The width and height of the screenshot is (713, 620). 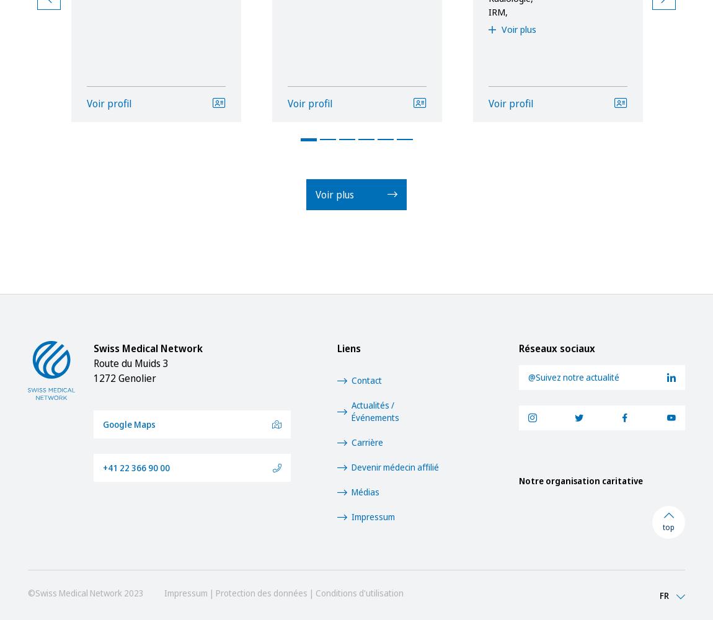 I want to click on 'Route du Muids 3', so click(x=130, y=363).